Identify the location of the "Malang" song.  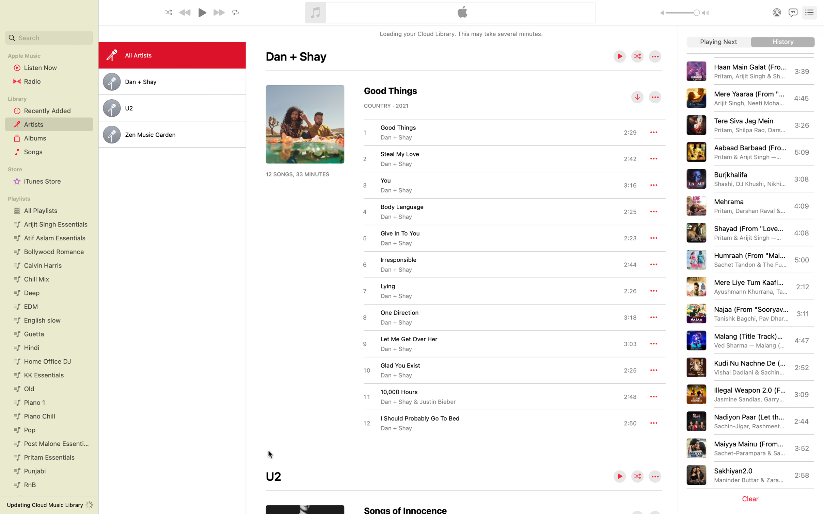
(748, 340).